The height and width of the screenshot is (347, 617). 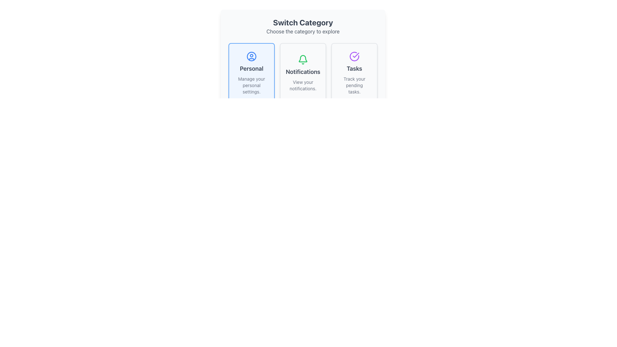 What do you see at coordinates (251, 56) in the screenshot?
I see `the icon representing the 'Personal' section, which is located above the title 'Personal' and the description 'Manage your personal settings.'` at bounding box center [251, 56].